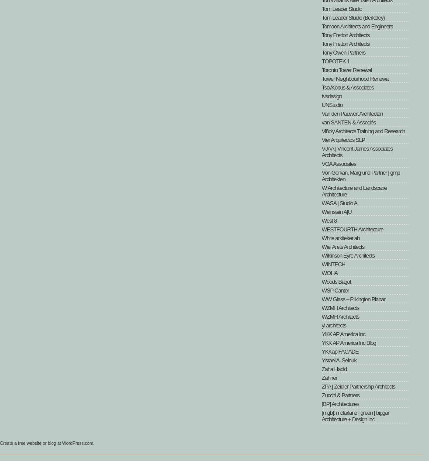 This screenshot has width=429, height=461. Describe the element at coordinates (343, 140) in the screenshot. I see `'Vier Arquitectos SLP'` at that location.